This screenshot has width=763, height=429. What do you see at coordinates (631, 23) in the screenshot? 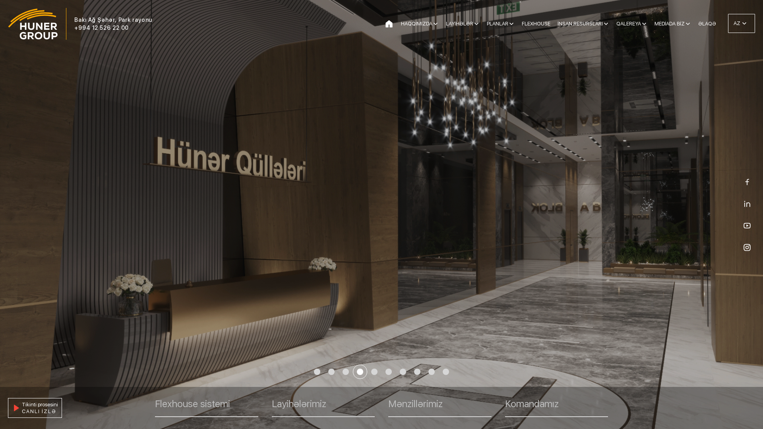
I see `'QALEREYA'` at bounding box center [631, 23].